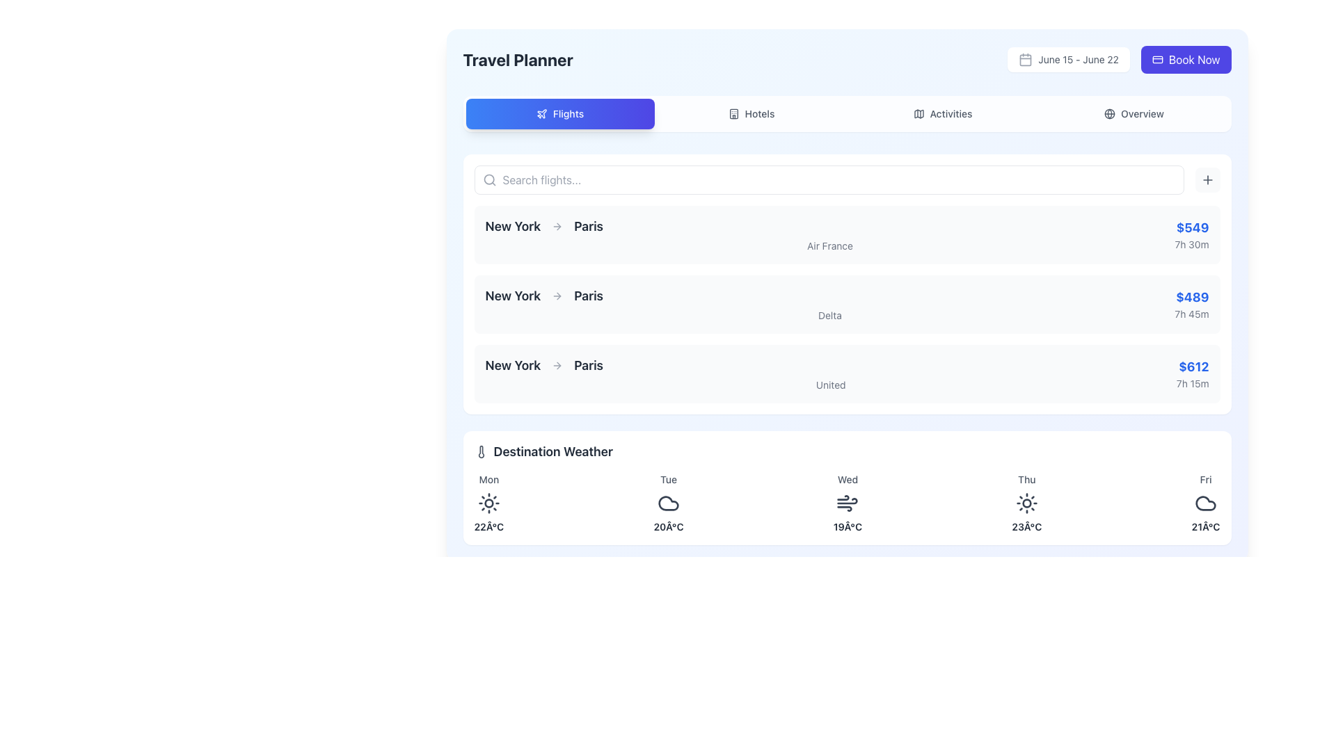 Image resolution: width=1336 pixels, height=751 pixels. Describe the element at coordinates (559, 226) in the screenshot. I see `the rightward-pointing gray arrow icon that is positioned inline between two text strings` at that location.